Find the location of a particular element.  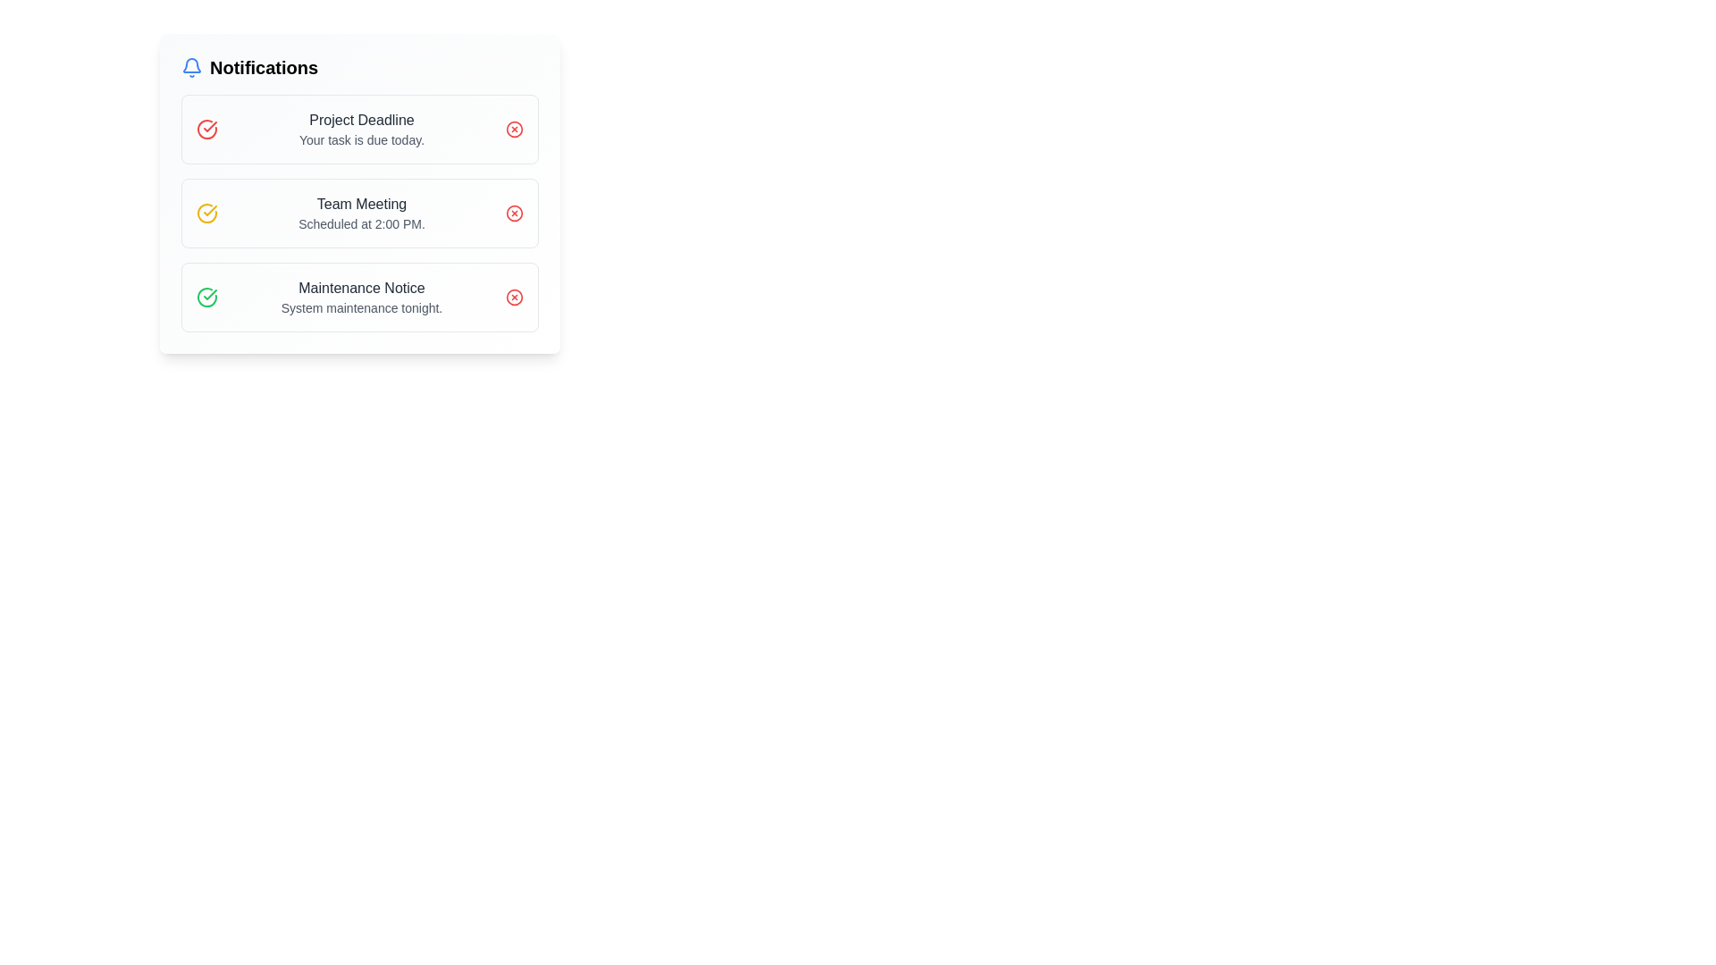

the blue bell icon representing notifications, which is located beside the text 'Notifications' is located at coordinates (192, 67).